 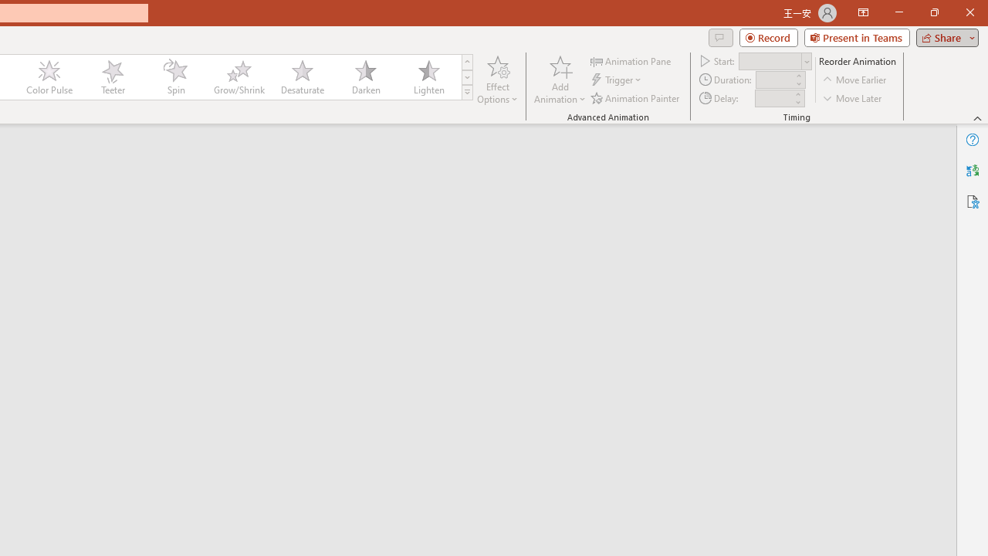 What do you see at coordinates (854, 80) in the screenshot?
I see `'Move Earlier'` at bounding box center [854, 80].